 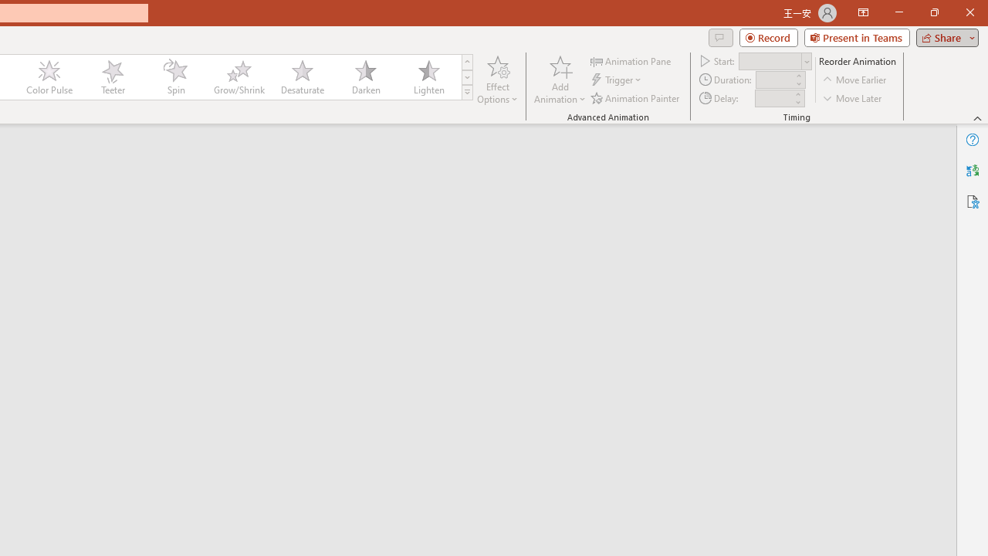 What do you see at coordinates (854, 80) in the screenshot?
I see `'Move Earlier'` at bounding box center [854, 80].